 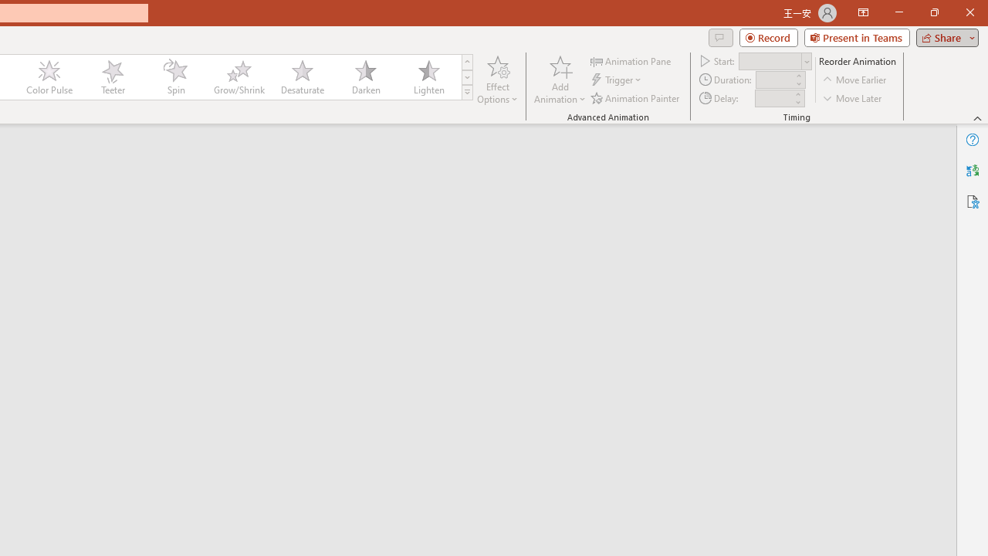 What do you see at coordinates (854, 80) in the screenshot?
I see `'Move Earlier'` at bounding box center [854, 80].